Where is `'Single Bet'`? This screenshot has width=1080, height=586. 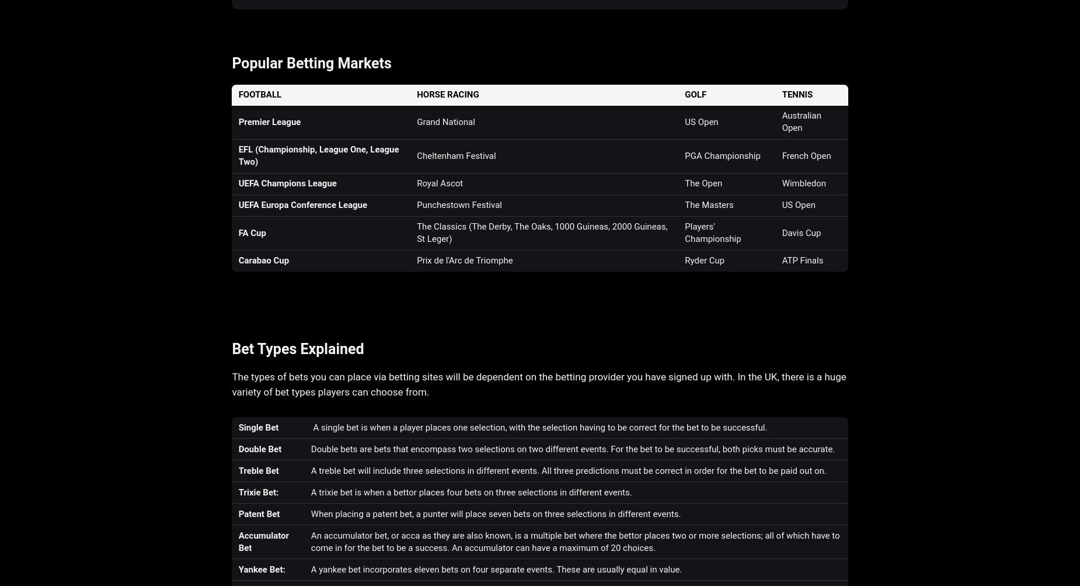 'Single Bet' is located at coordinates (257, 426).